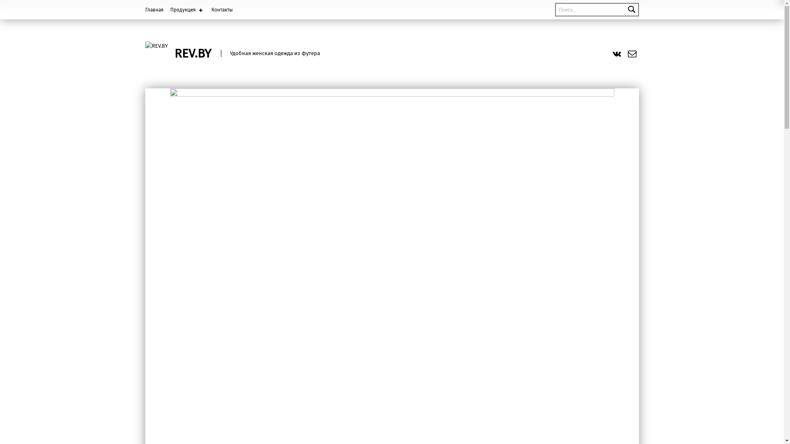 This screenshot has width=790, height=444. Describe the element at coordinates (192, 53) in the screenshot. I see `'REV.BY'` at that location.